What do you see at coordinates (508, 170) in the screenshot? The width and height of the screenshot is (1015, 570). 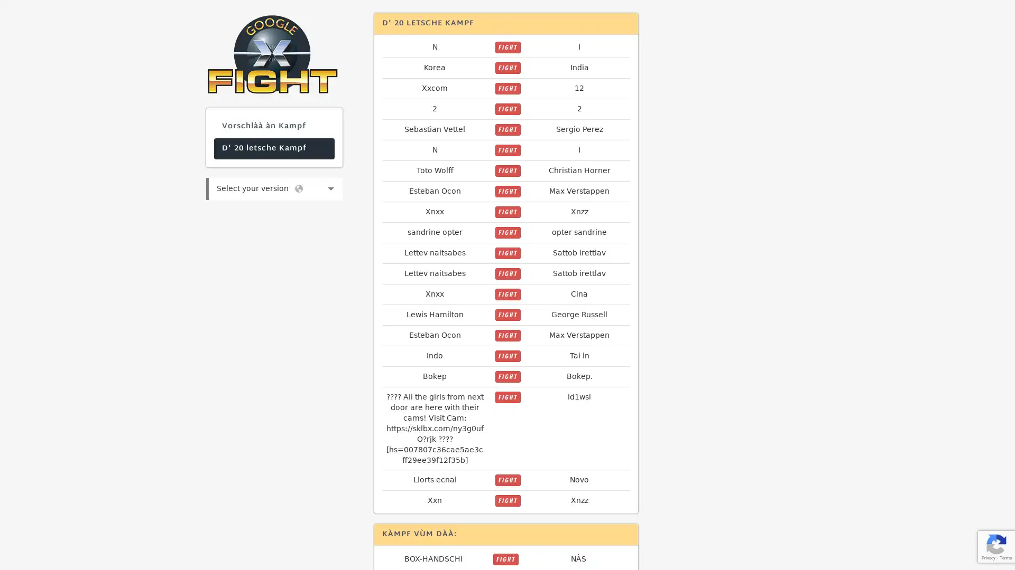 I see `FIGHT` at bounding box center [508, 170].